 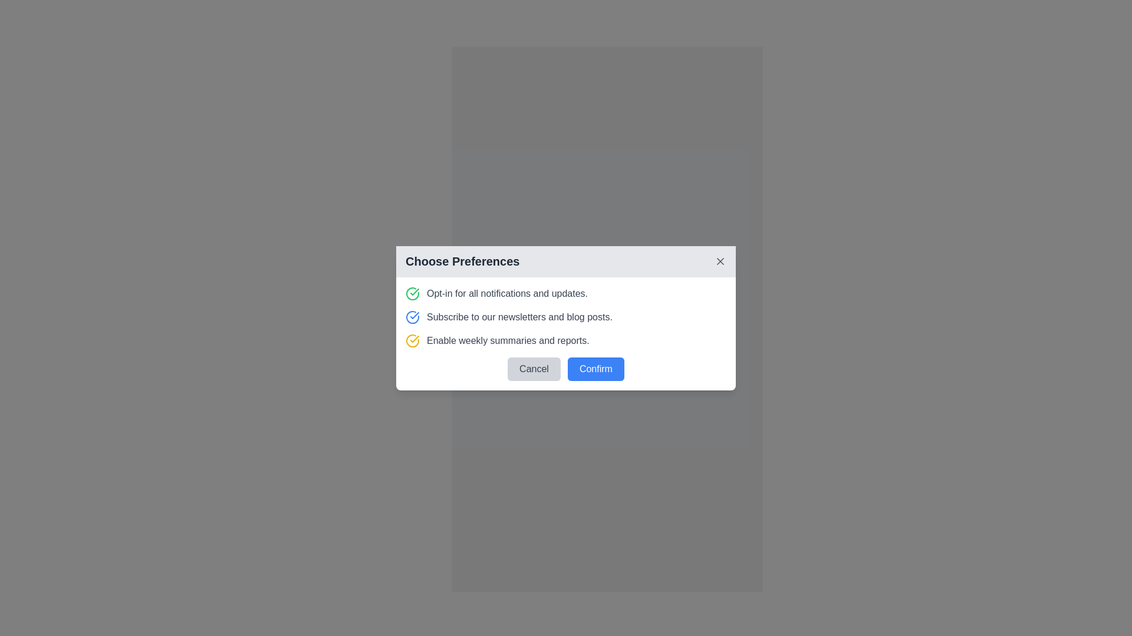 I want to click on the toggleable option in the 'Choose Preferences' section of the modal dialog box, so click(x=566, y=333).